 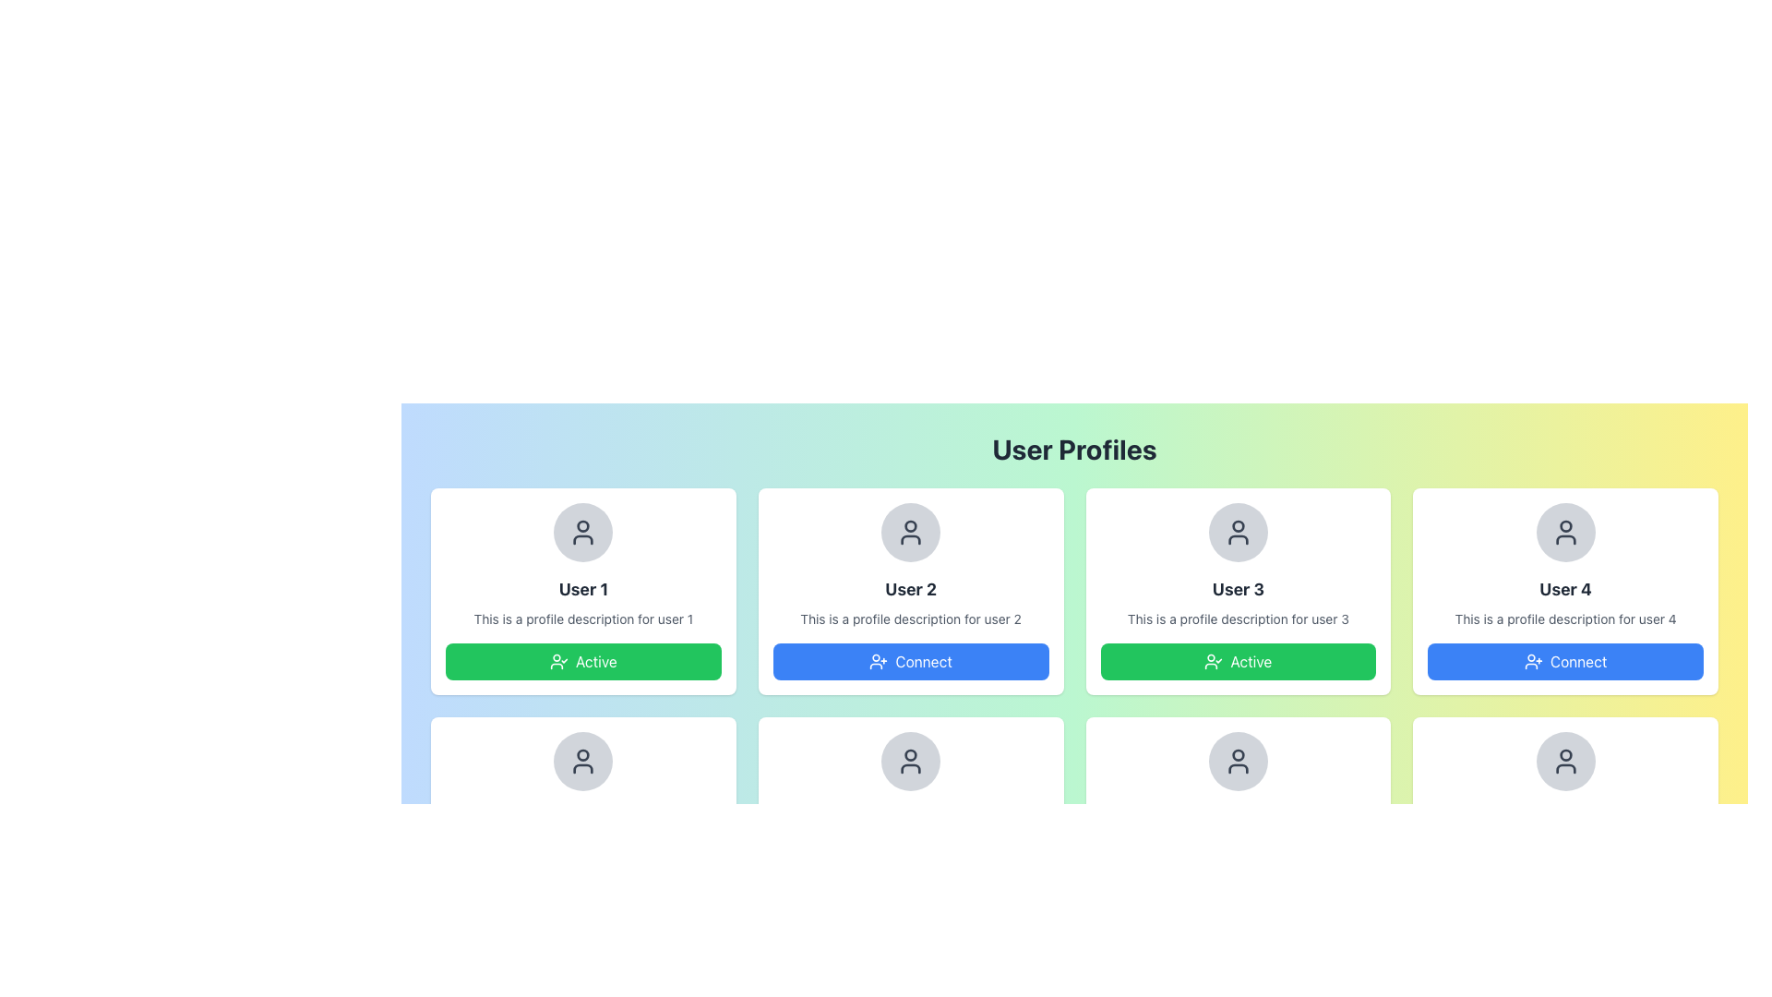 I want to click on the central dot of the profile icon in the second user card labeled 'User 2' located in the user profile grid, so click(x=911, y=526).